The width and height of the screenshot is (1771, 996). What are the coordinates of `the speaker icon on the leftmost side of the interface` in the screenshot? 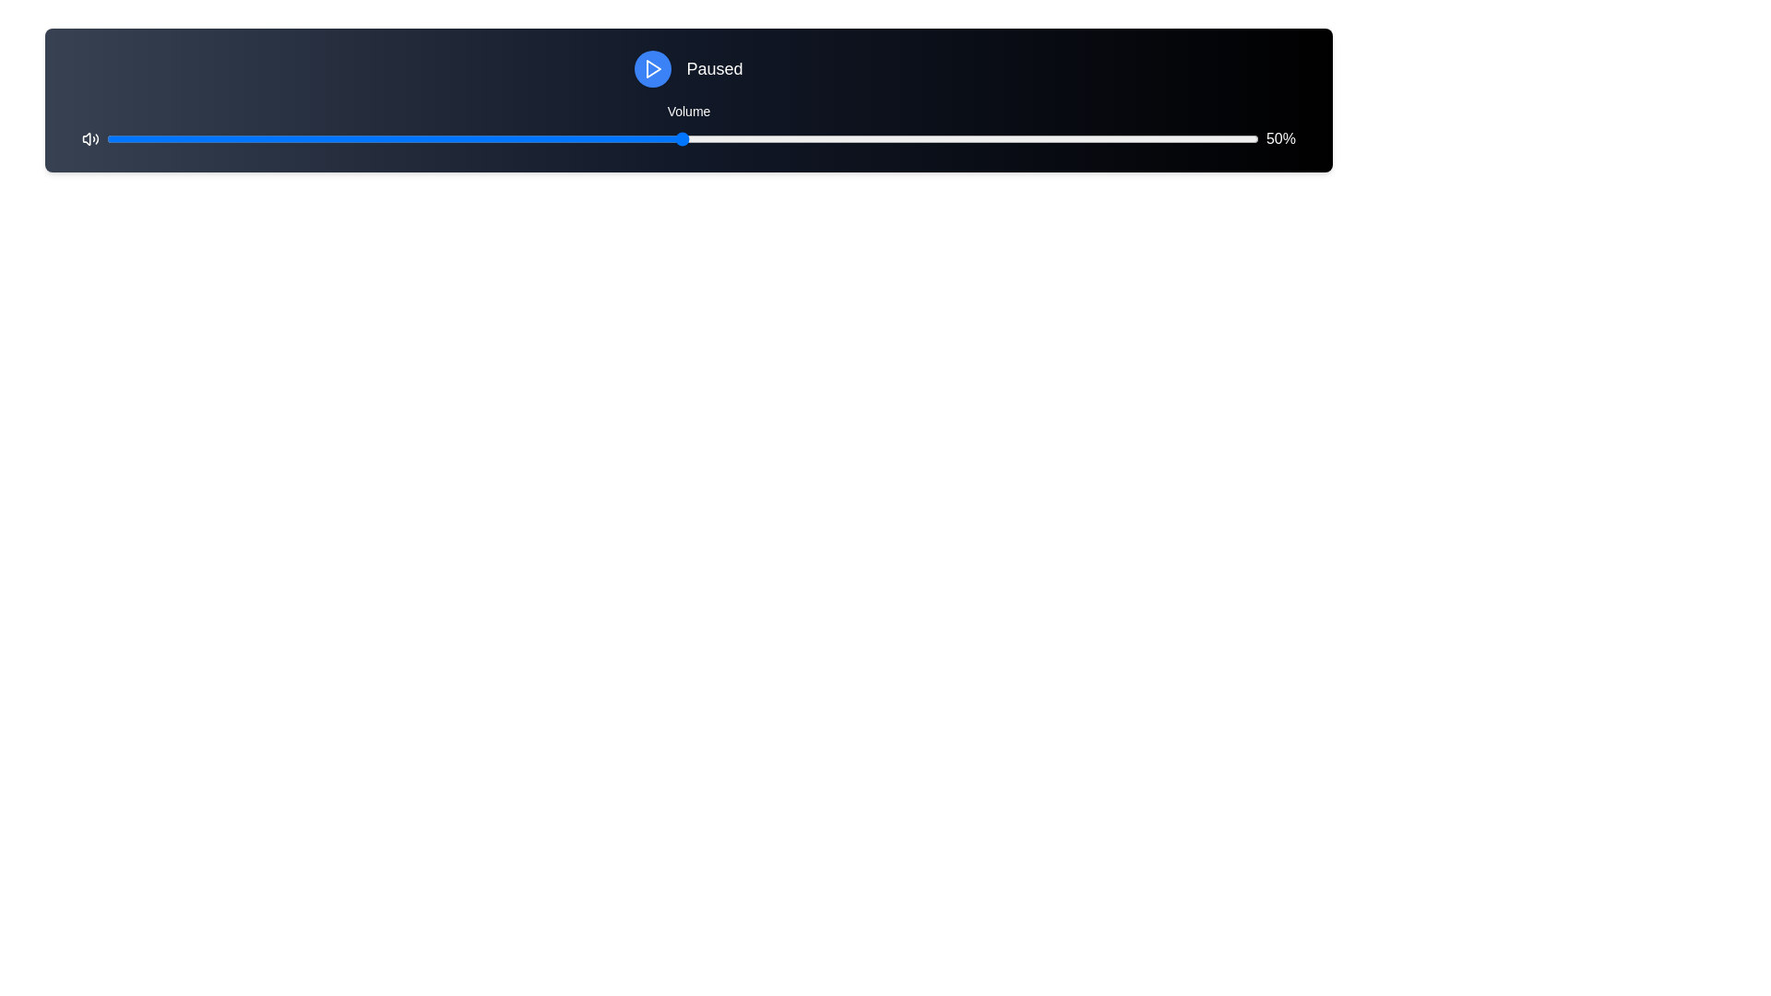 It's located at (89, 137).